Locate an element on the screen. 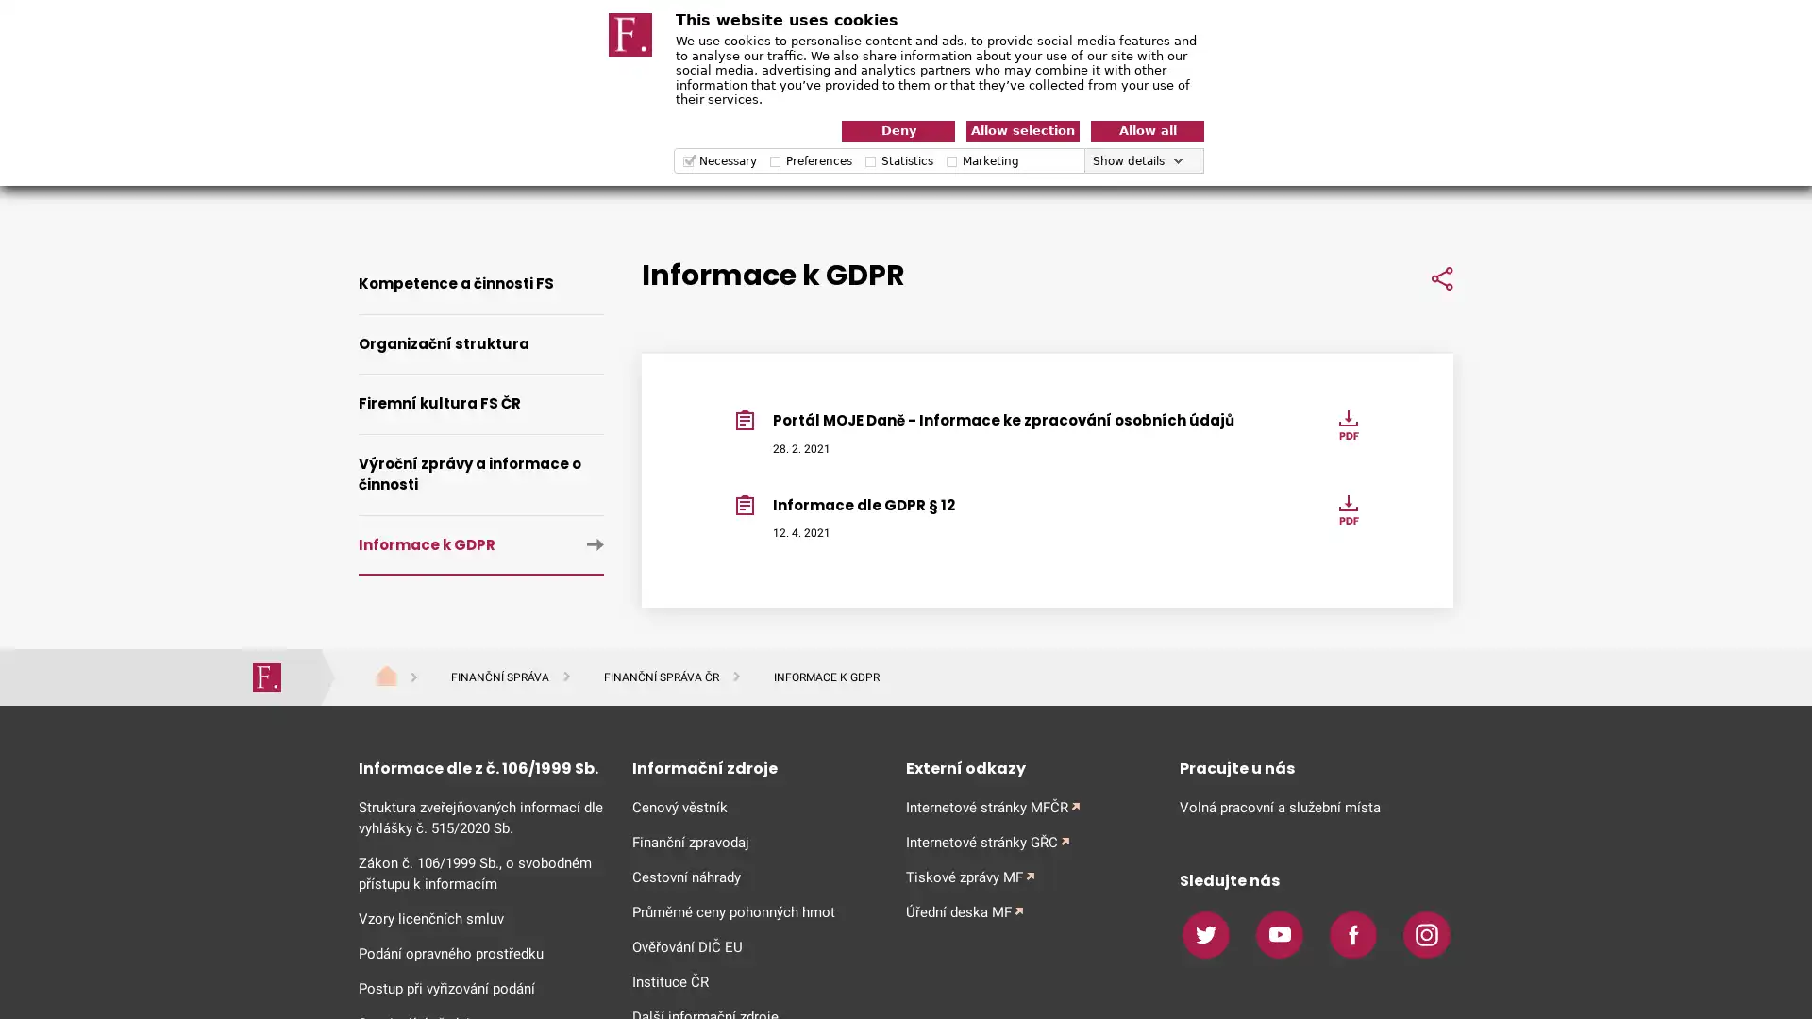 Image resolution: width=1812 pixels, height=1019 pixels. Pracujte u nas is located at coordinates (1316, 767).